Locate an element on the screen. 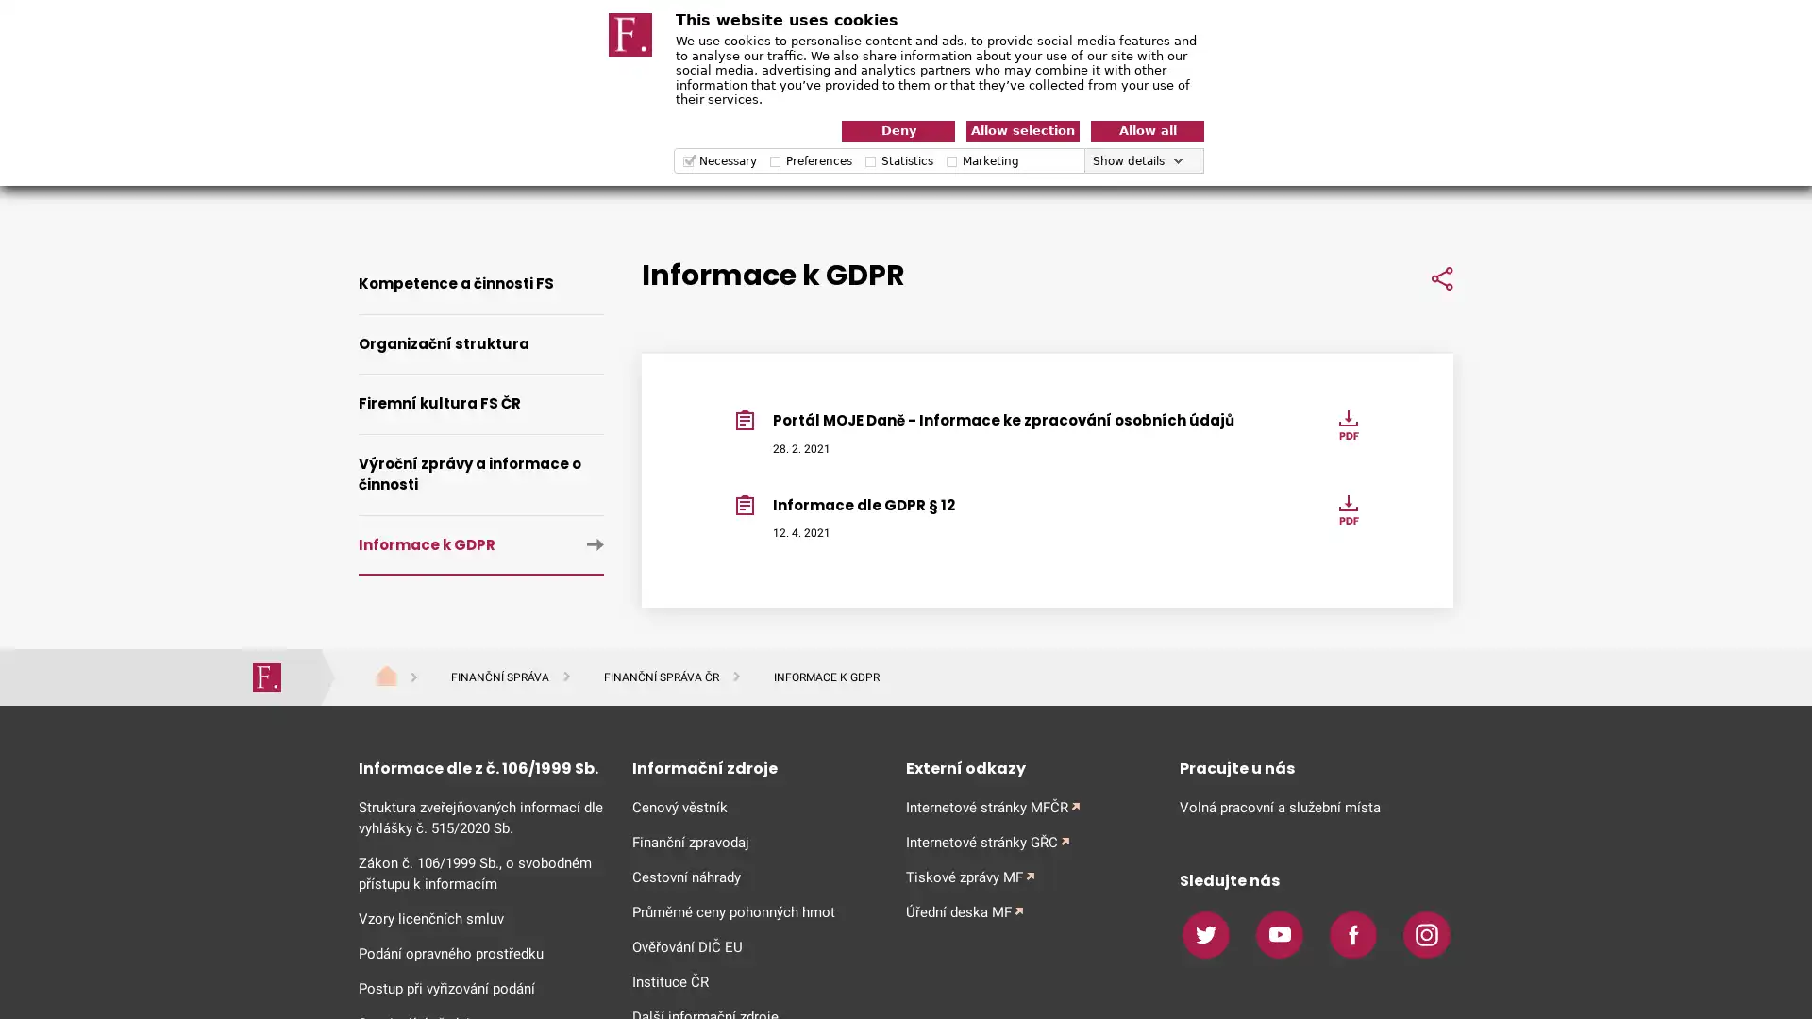 Image resolution: width=1812 pixels, height=1019 pixels. Pracujte u nas is located at coordinates (1316, 767).